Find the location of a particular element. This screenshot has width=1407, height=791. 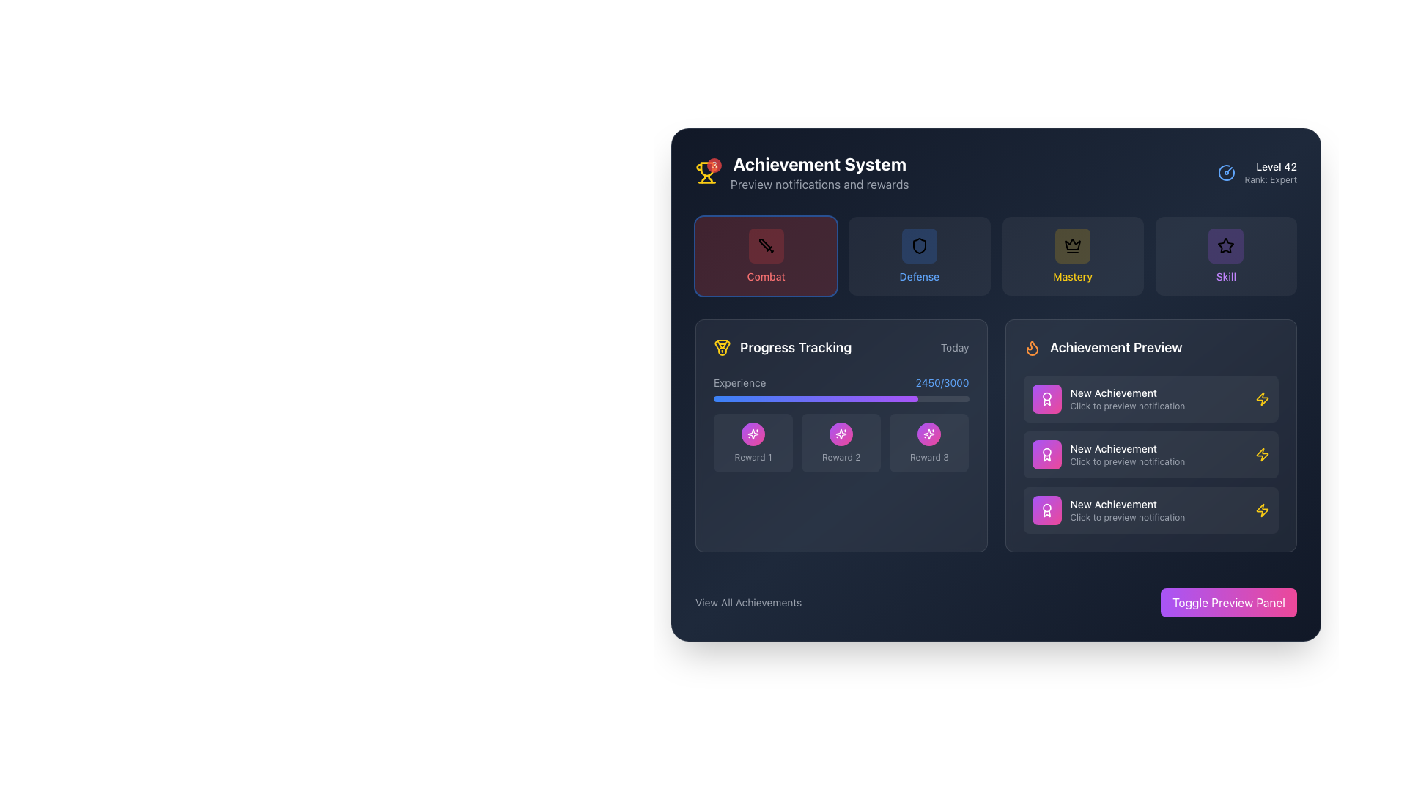

the Header indicating progress tracking status and current date is located at coordinates (841, 347).